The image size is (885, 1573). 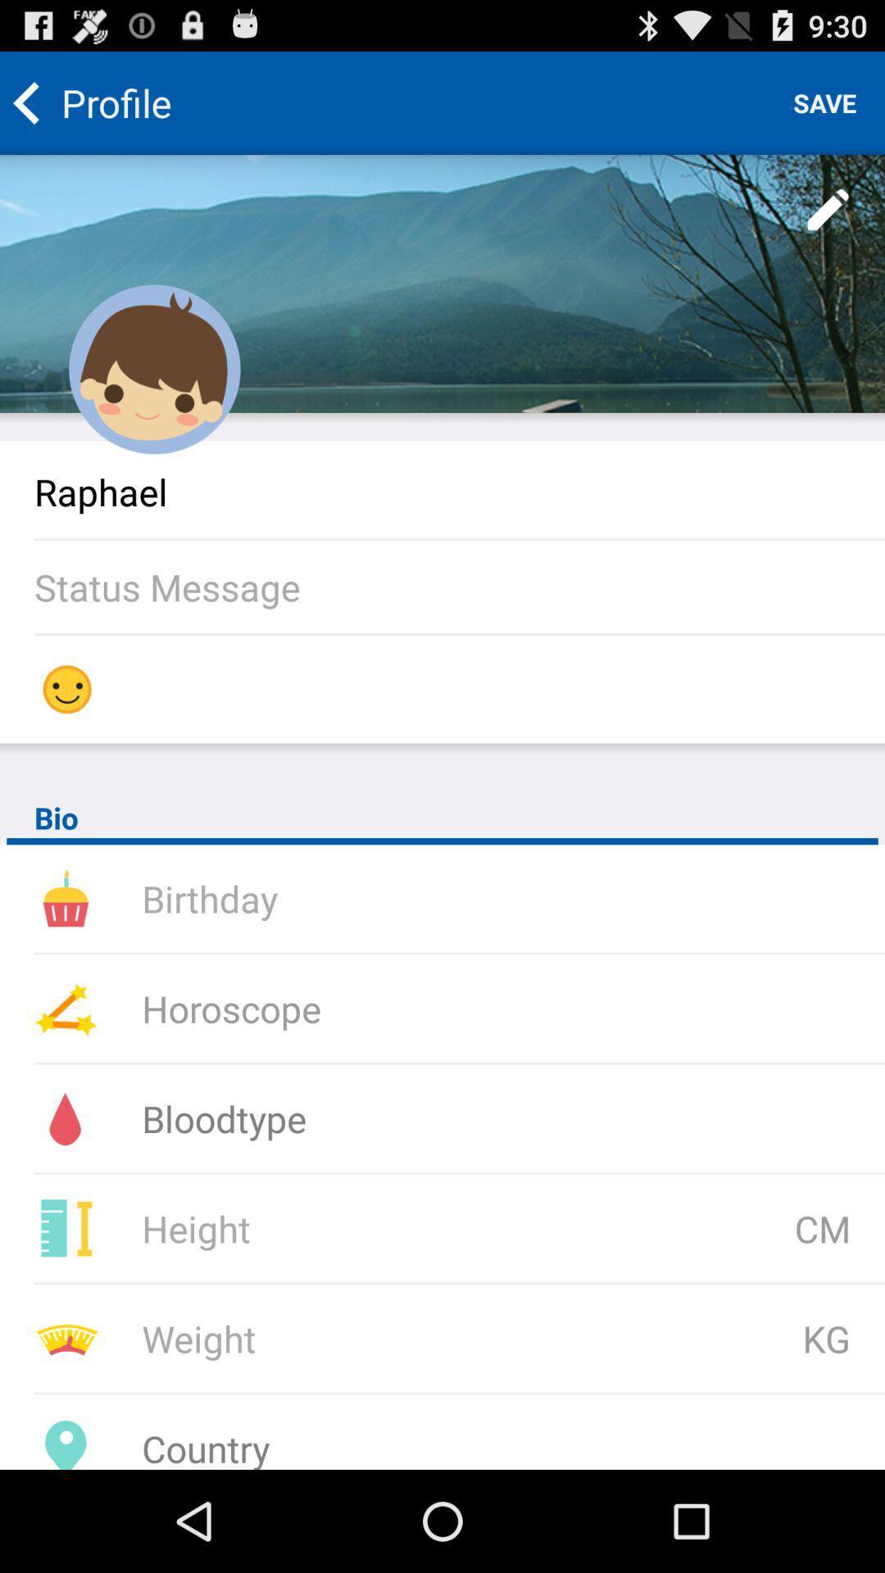 I want to click on edit profile wallpaper, so click(x=442, y=283).